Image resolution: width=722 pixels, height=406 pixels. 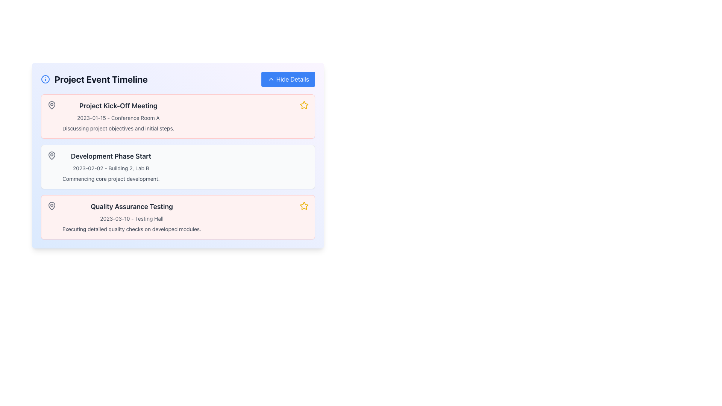 What do you see at coordinates (45, 79) in the screenshot?
I see `the circular part of the 'info' icon located near the top-left corner of the interface, next to the heading 'Project Event Timeline'` at bounding box center [45, 79].